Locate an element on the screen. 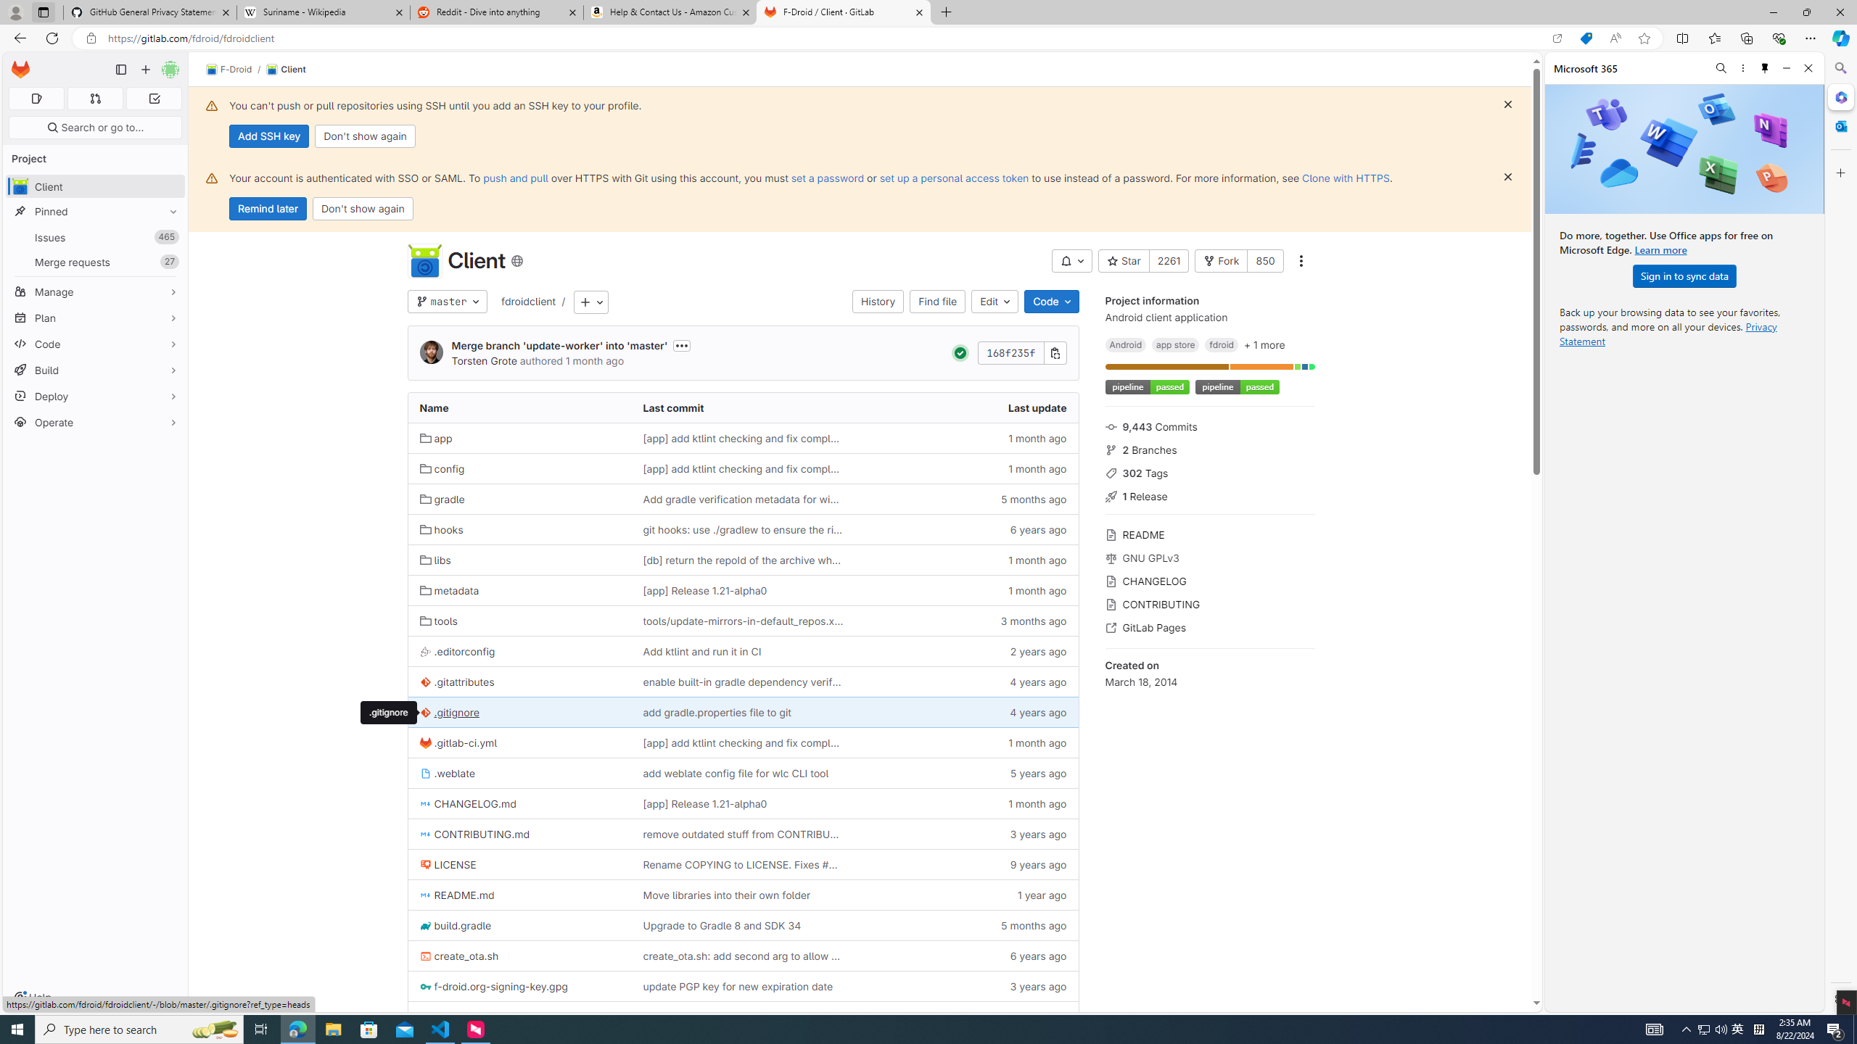  '5 years ago' is located at coordinates (966, 773).